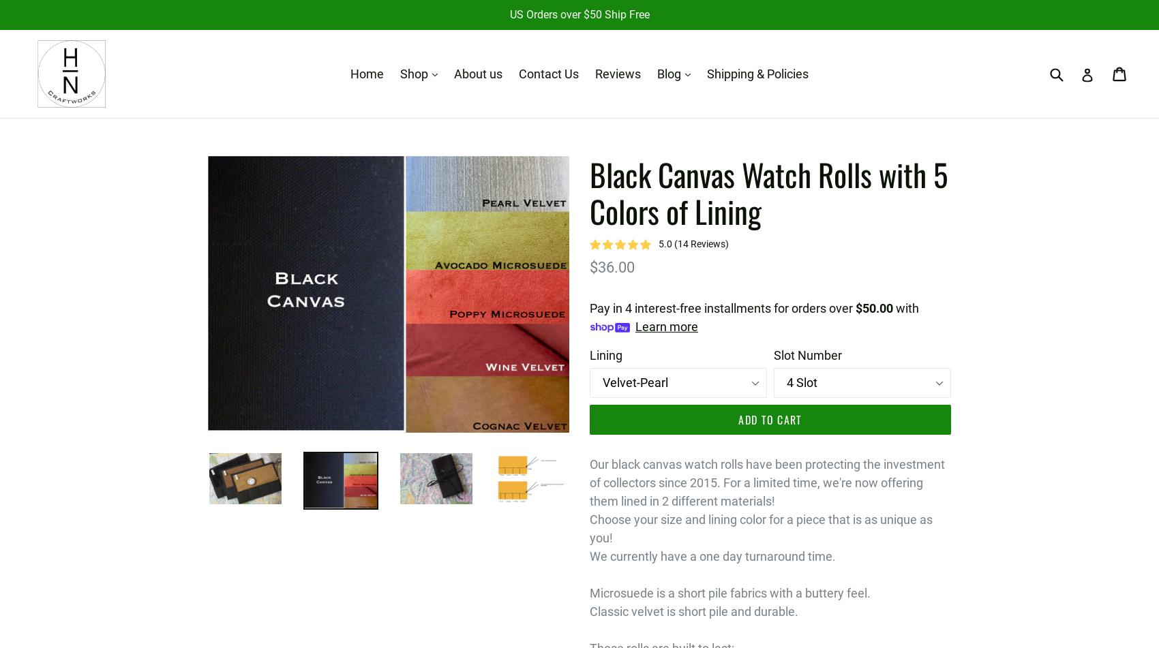 The width and height of the screenshot is (1159, 648). Describe the element at coordinates (669, 74) in the screenshot. I see `'Blog'` at that location.